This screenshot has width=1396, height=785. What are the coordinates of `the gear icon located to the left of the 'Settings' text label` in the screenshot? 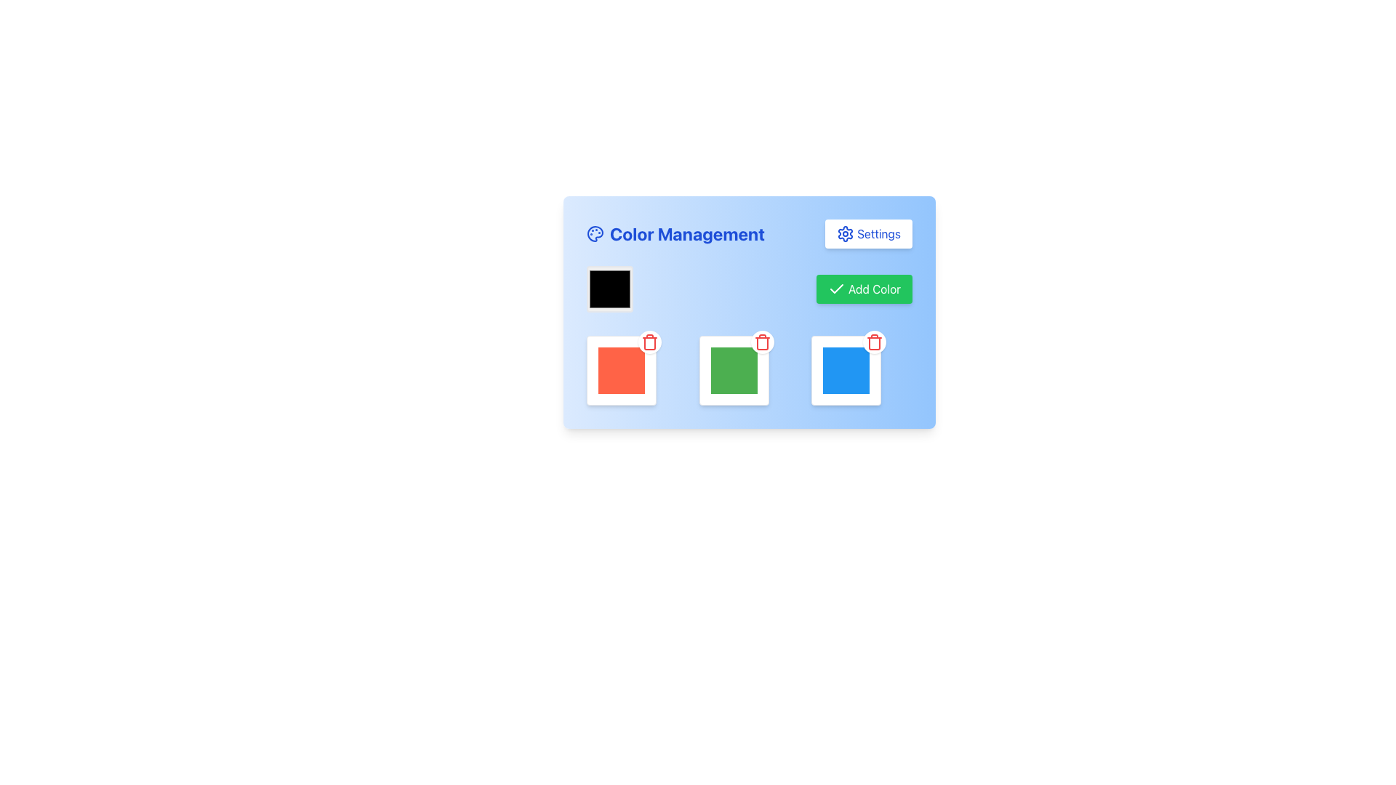 It's located at (846, 233).